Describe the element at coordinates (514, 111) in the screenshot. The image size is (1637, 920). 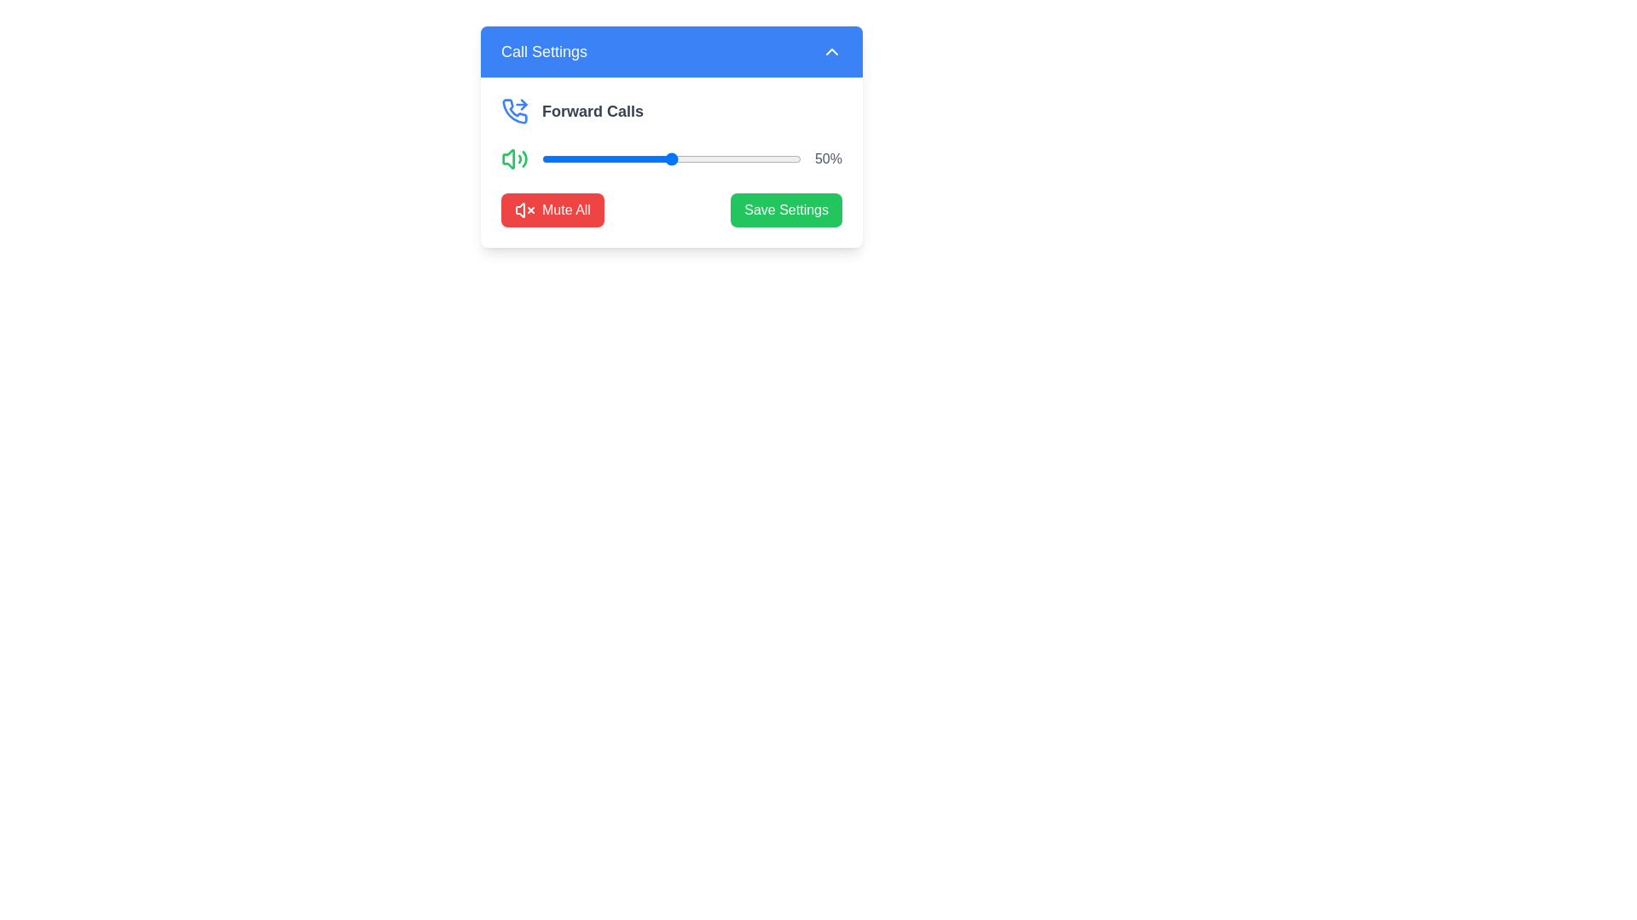
I see `the call forwarding icon located to the left of the 'Forward Calls' text in the Call Settings panel` at that location.